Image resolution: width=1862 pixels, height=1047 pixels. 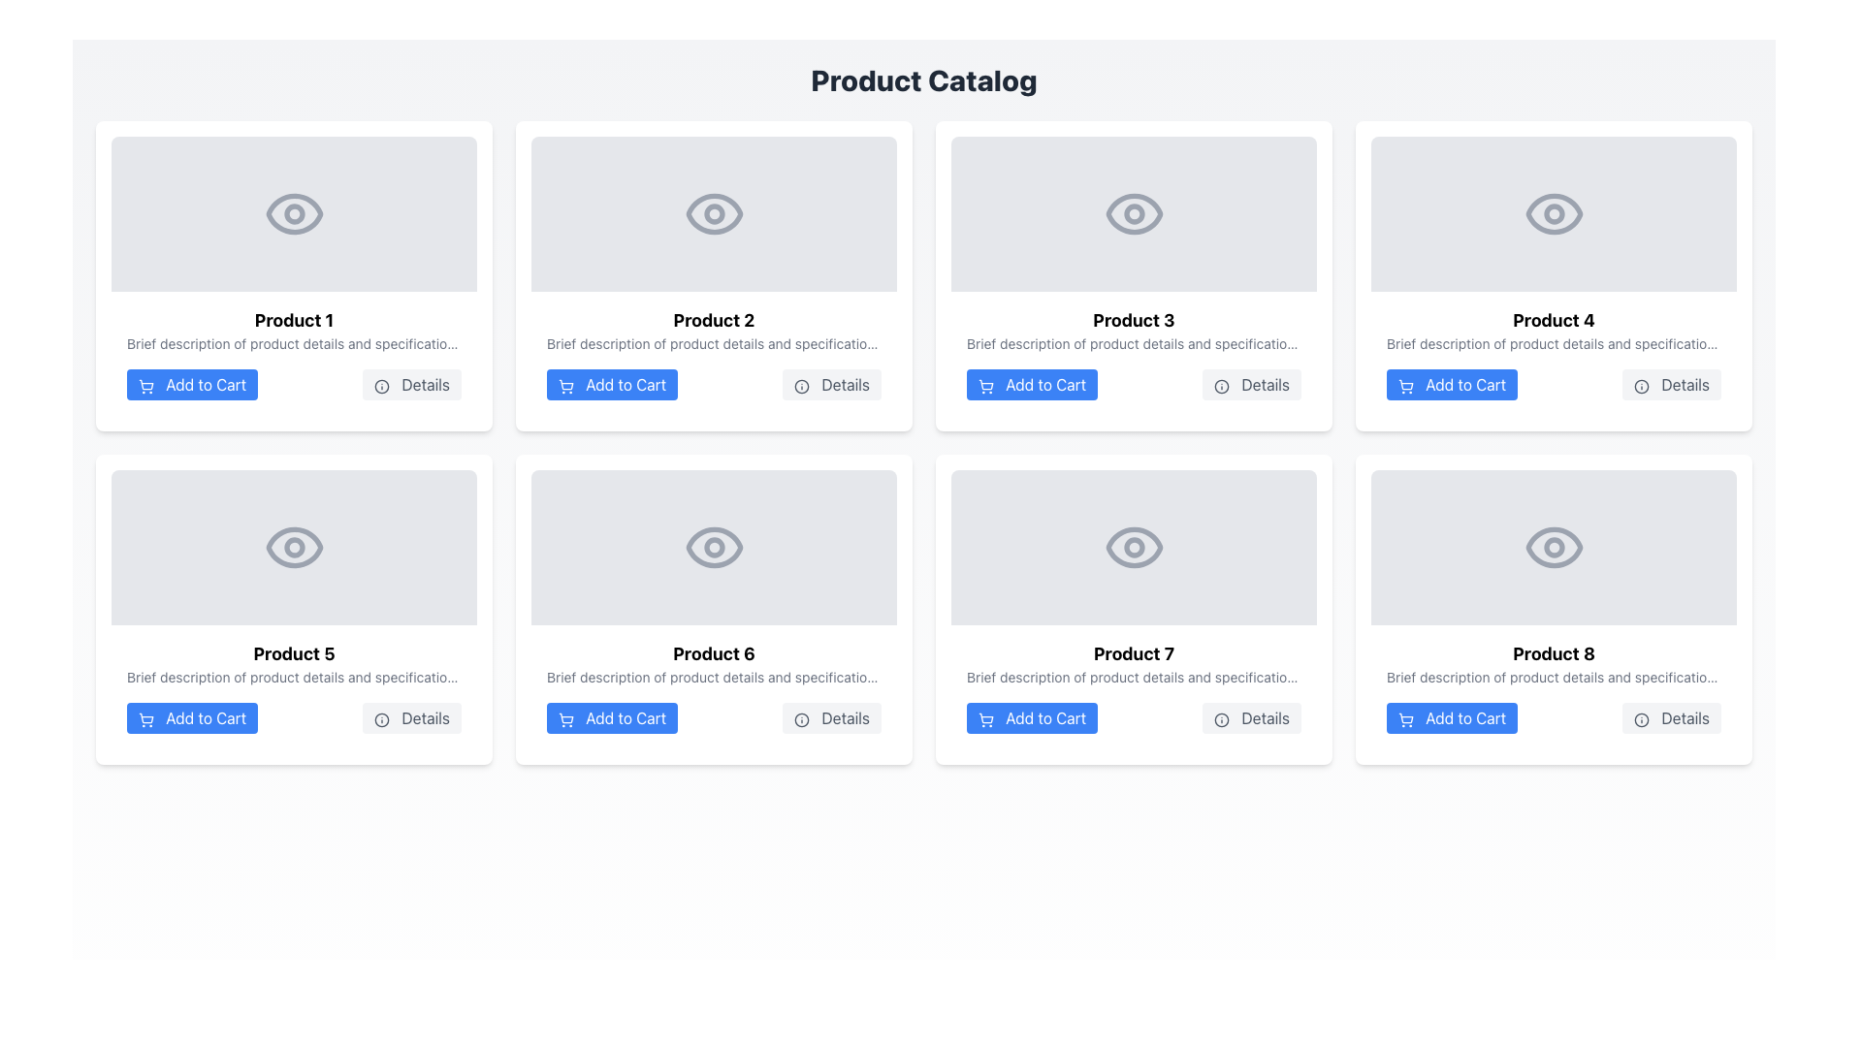 What do you see at coordinates (1134, 213) in the screenshot?
I see `the decorative SVG shape within the eye icon located at the top-center of the third product card from the left in the product catalog grid layout, which indicates a 'view' or 'preview' feature for the product` at bounding box center [1134, 213].